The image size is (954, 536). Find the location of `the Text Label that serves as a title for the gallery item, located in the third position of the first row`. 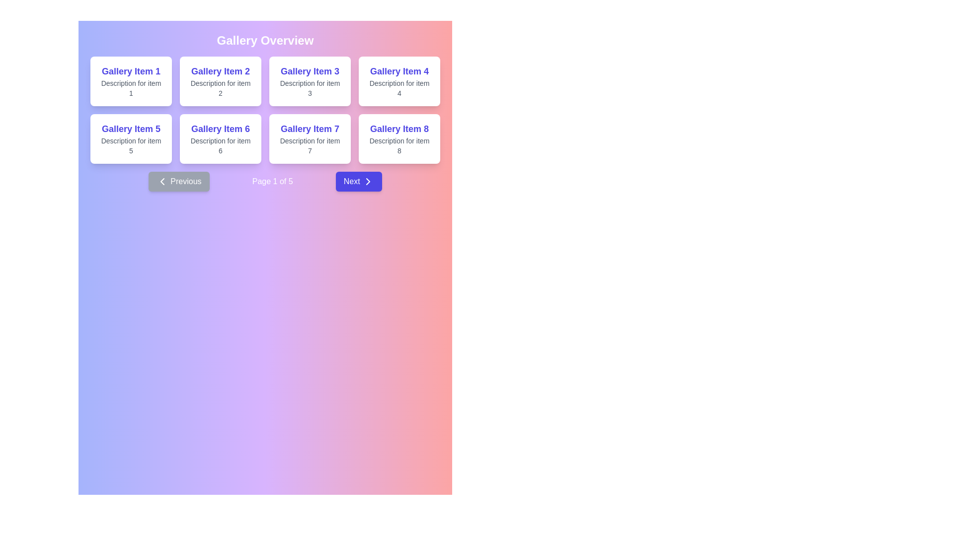

the Text Label that serves as a title for the gallery item, located in the third position of the first row is located at coordinates (310, 70).